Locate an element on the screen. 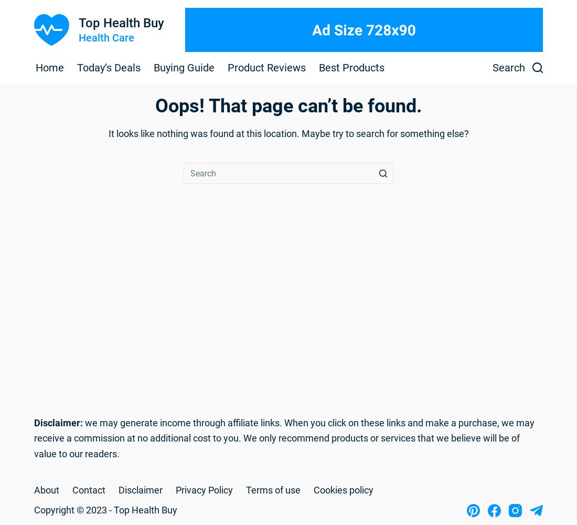 The width and height of the screenshot is (577, 525). 'we may generate income through affiliate links. When you click on these links and make a purchase, we may receive a commission at no additional cost to you. We only recommend products or services that we believe will be of value to our readers.' is located at coordinates (284, 437).